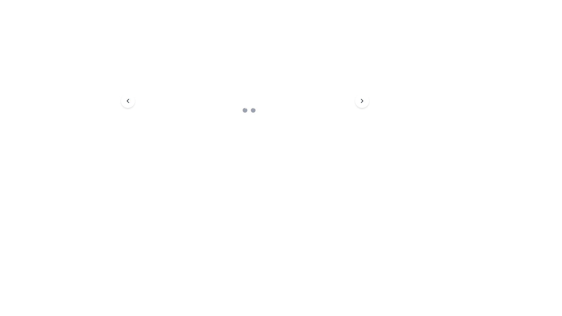 This screenshot has width=562, height=316. What do you see at coordinates (253, 110) in the screenshot?
I see `the third circular indicator in a row of three, which has a gray background and is visually distinct due to its rounded shape` at bounding box center [253, 110].